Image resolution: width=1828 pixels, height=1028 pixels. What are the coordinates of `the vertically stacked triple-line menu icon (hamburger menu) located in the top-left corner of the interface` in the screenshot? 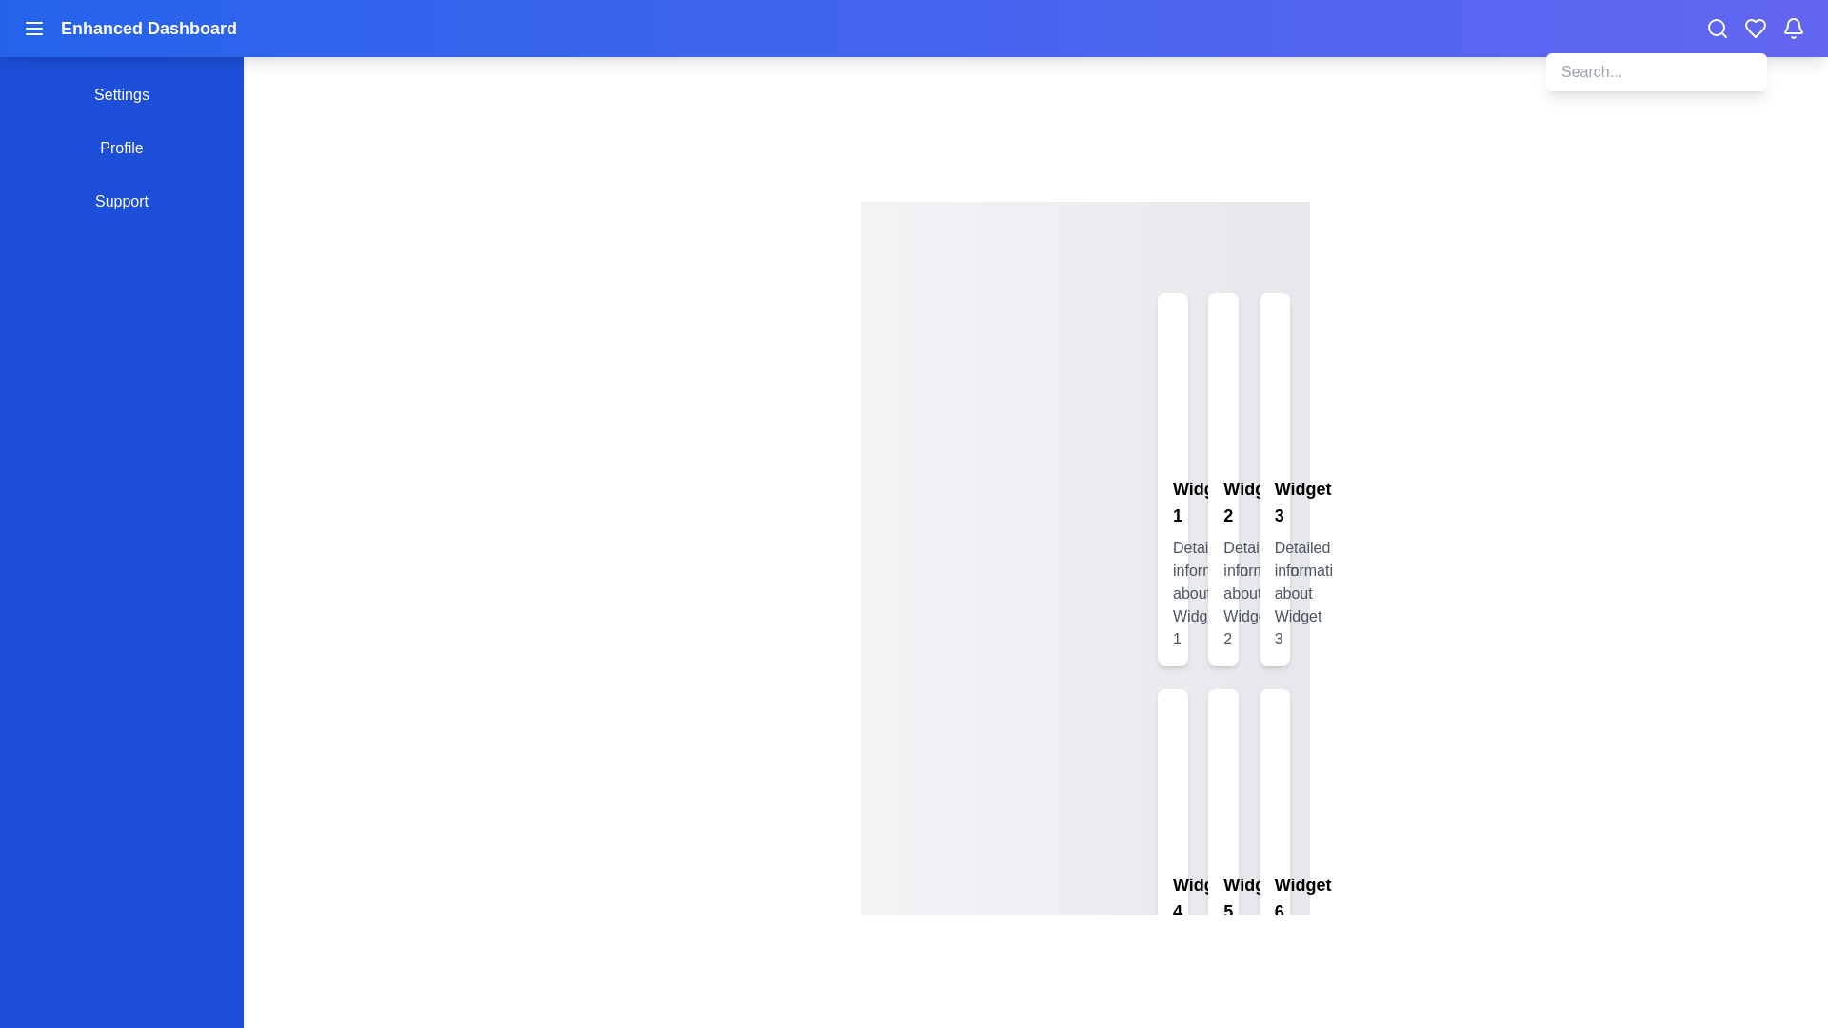 It's located at (33, 29).